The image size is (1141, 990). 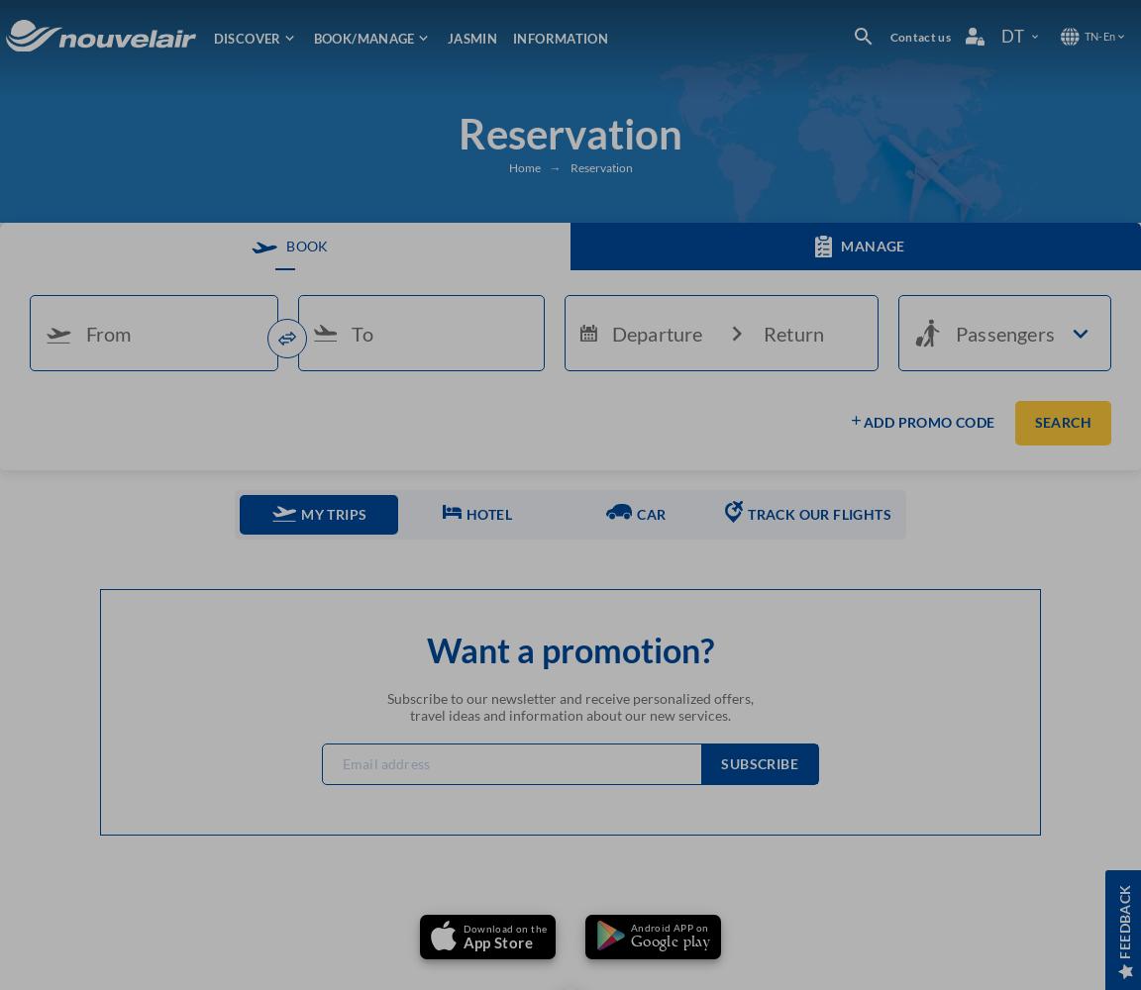 What do you see at coordinates (829, 391) in the screenshot?
I see `'POINTS OF SALES'` at bounding box center [829, 391].